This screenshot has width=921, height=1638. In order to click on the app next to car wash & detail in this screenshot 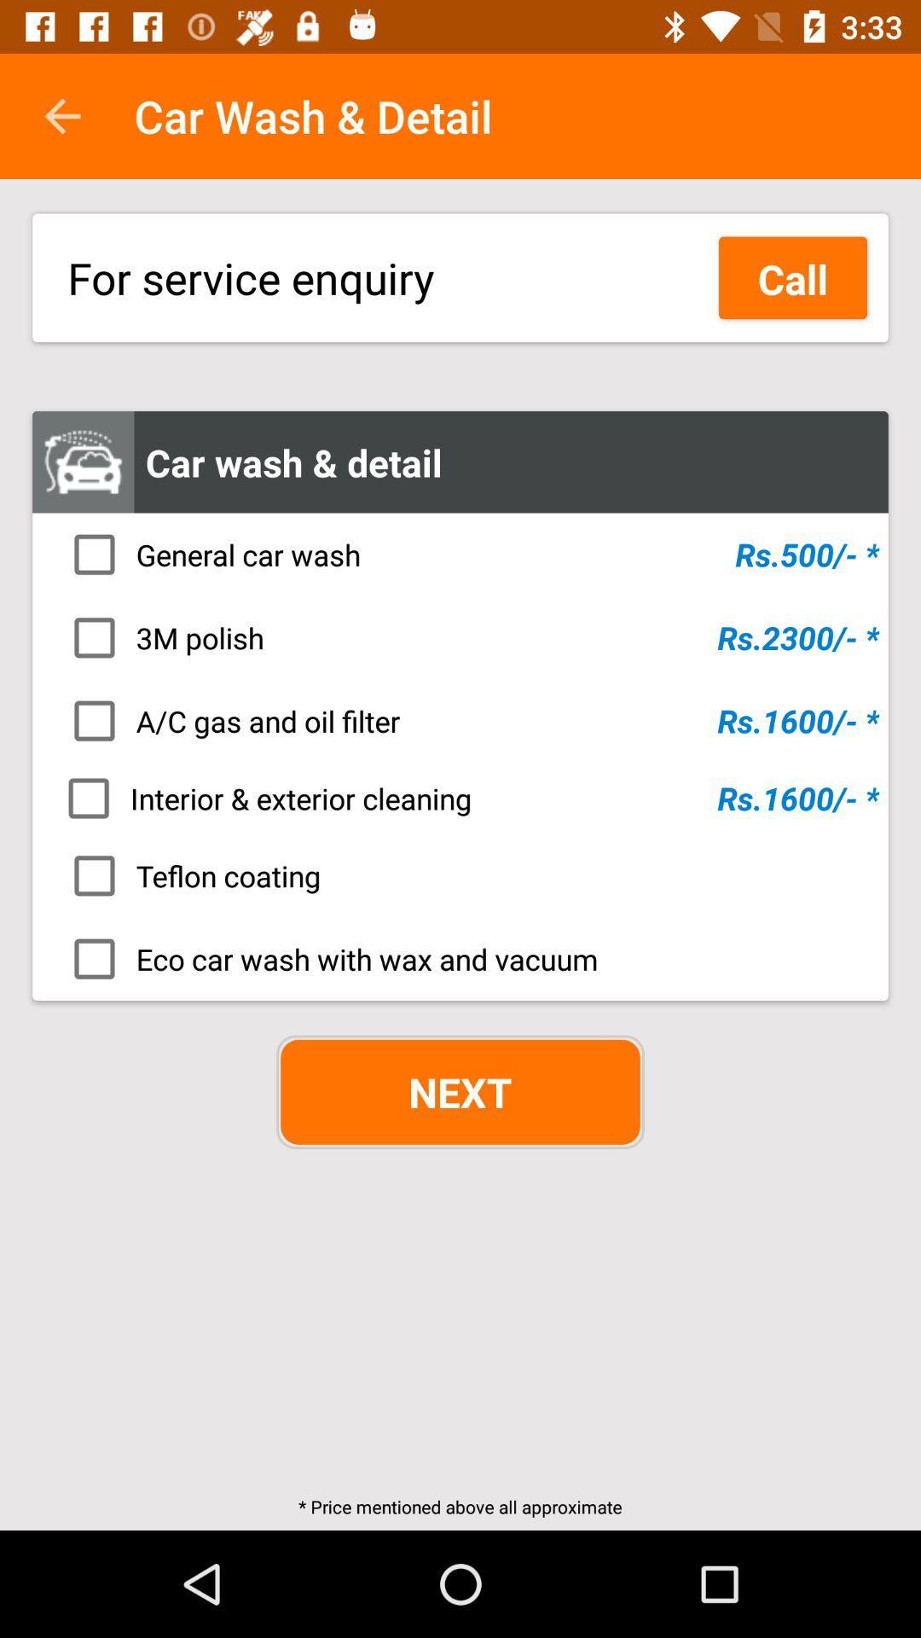, I will do `click(61, 115)`.